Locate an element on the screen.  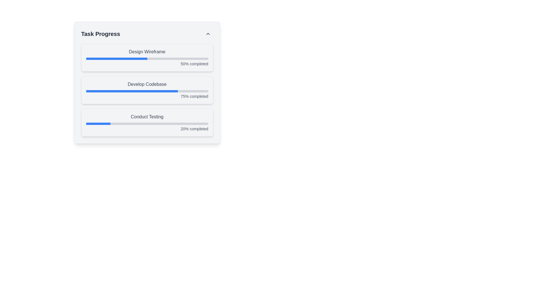
the progress visually on the second progress bar indicating '75% completed' for the task labeled 'Develop Codebase' is located at coordinates (147, 91).